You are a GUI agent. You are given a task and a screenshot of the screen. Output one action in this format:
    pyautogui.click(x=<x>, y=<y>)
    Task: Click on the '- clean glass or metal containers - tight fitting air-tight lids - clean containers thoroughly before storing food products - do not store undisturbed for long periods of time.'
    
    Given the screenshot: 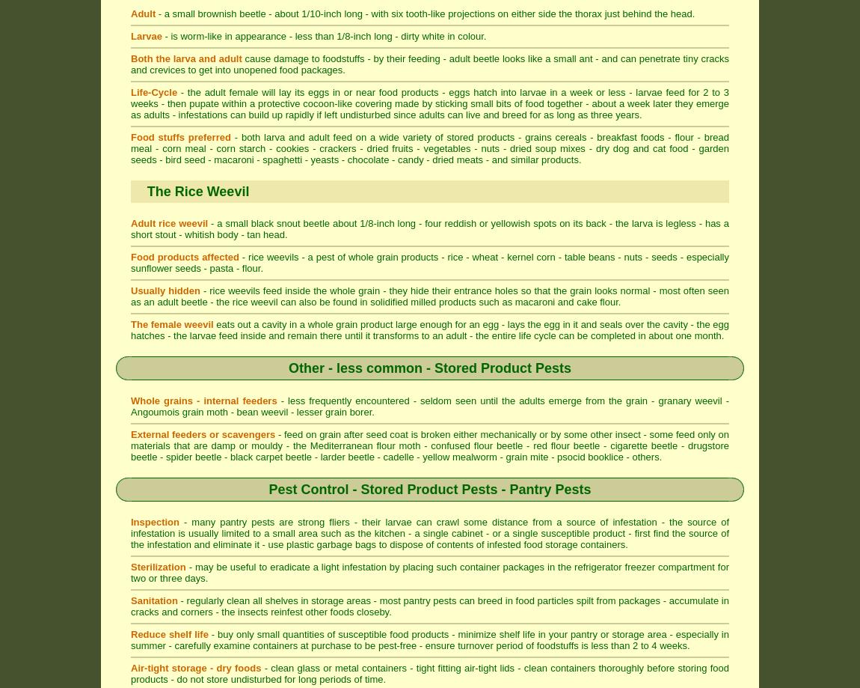 What is the action you would take?
    pyautogui.click(x=130, y=672)
    